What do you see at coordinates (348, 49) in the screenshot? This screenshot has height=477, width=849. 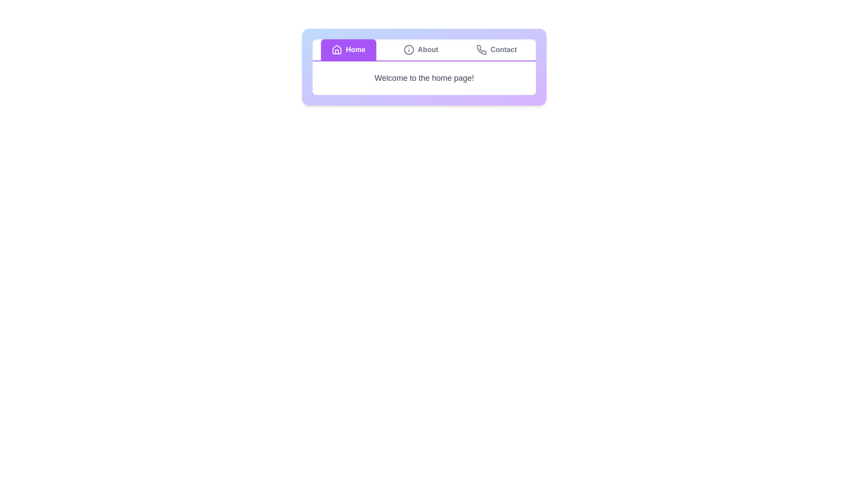 I see `the Home tab by clicking on it` at bounding box center [348, 49].